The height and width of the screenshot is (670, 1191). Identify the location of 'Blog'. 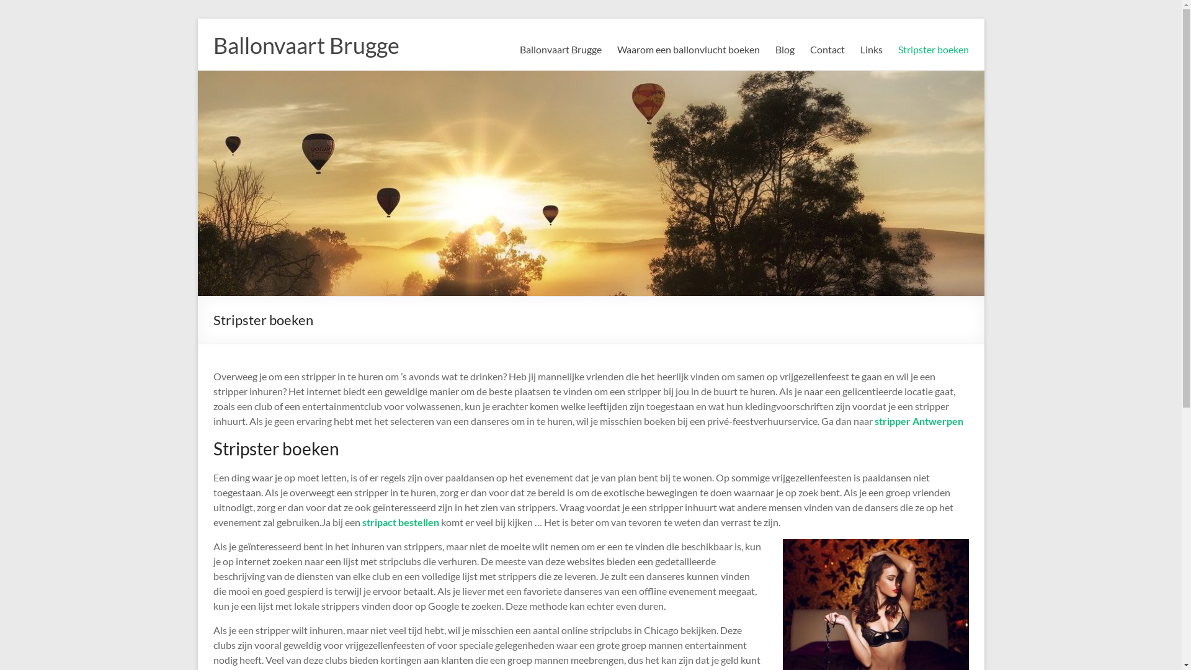
(774, 49).